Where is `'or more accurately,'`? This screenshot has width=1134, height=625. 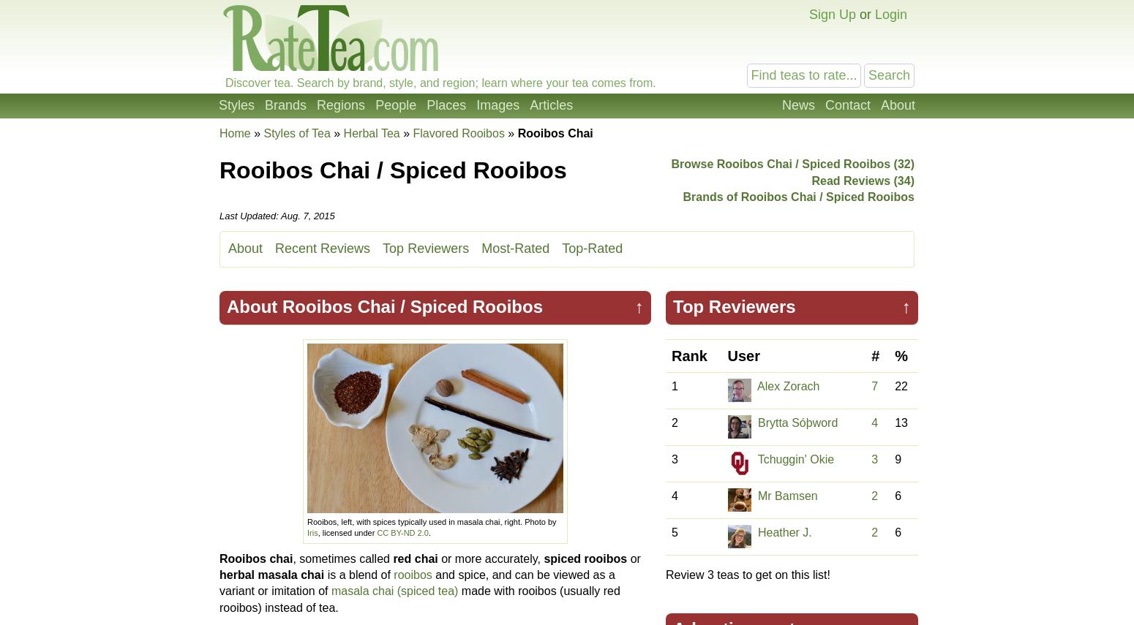 'or more accurately,' is located at coordinates (489, 557).